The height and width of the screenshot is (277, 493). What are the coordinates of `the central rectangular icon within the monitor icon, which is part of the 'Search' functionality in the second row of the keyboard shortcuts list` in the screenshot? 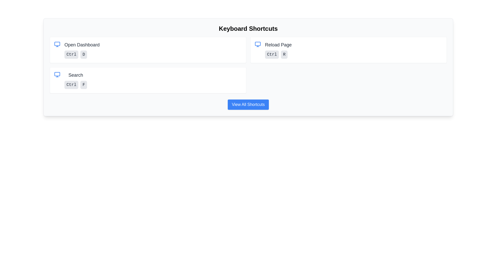 It's located at (57, 74).